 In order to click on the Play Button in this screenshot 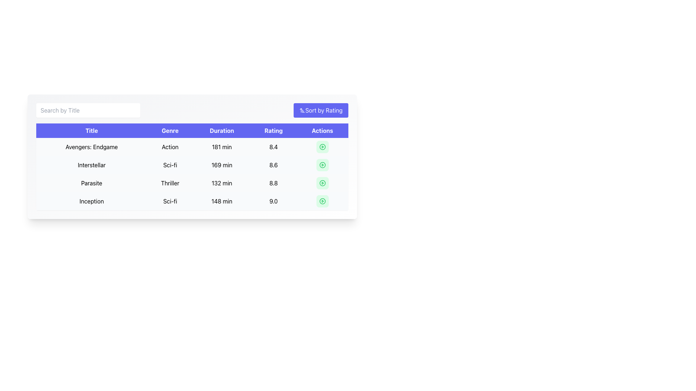, I will do `click(322, 165)`.